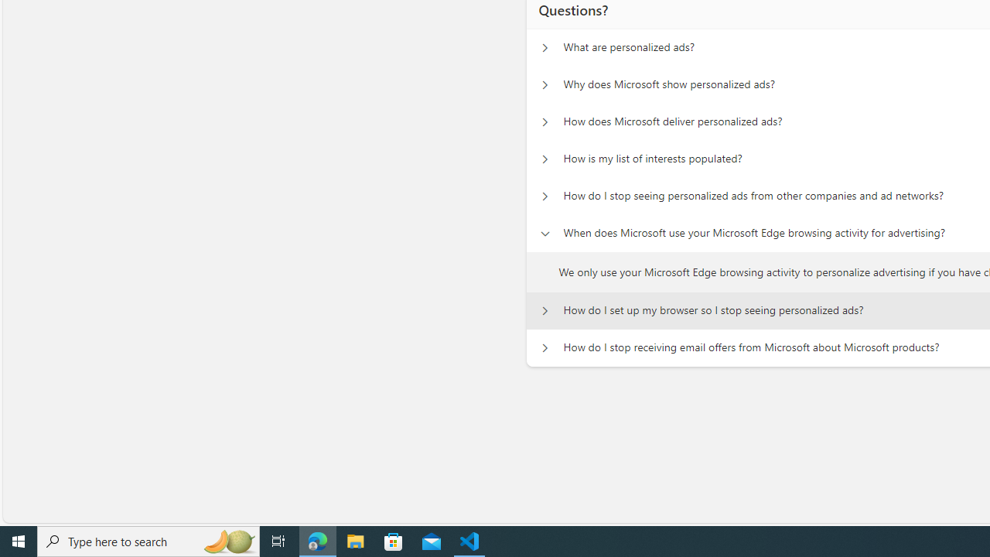  I want to click on 'Questions? What are personalized ads?', so click(544, 47).